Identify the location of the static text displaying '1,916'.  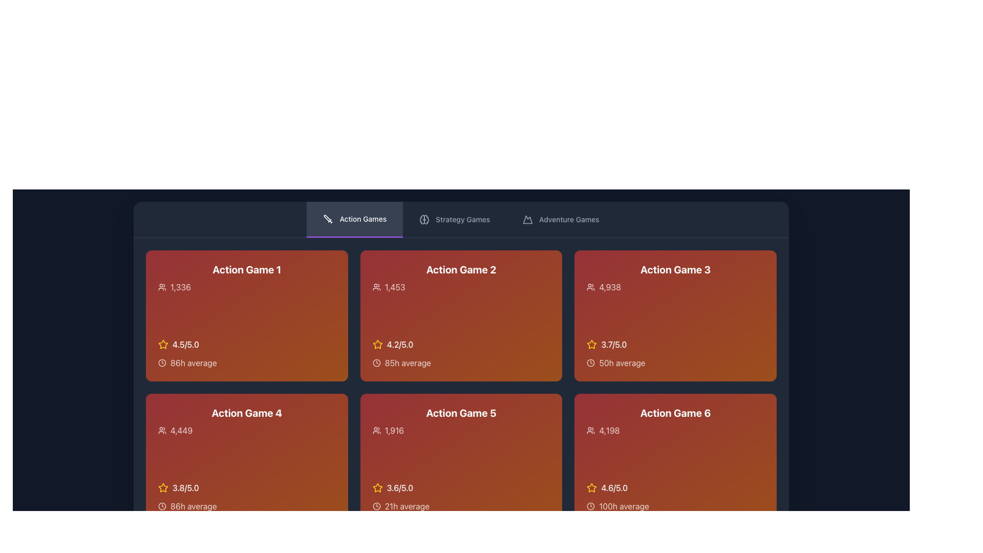
(394, 430).